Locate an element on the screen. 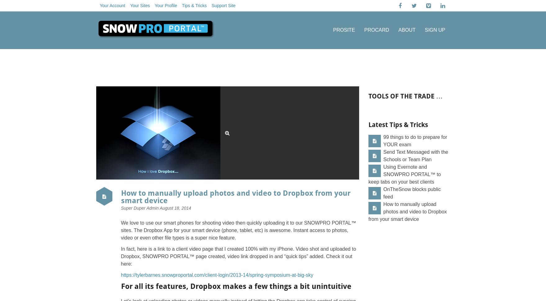 The height and width of the screenshot is (301, 546). 'In fact, here is a link to a client video page that I created 100% with my iPhone. Video shot and uploaded to Dropbox, SNOWPRO PORTAL™ page created, video link dropped in and “quick tips” added. Check it out here:' is located at coordinates (120, 256).